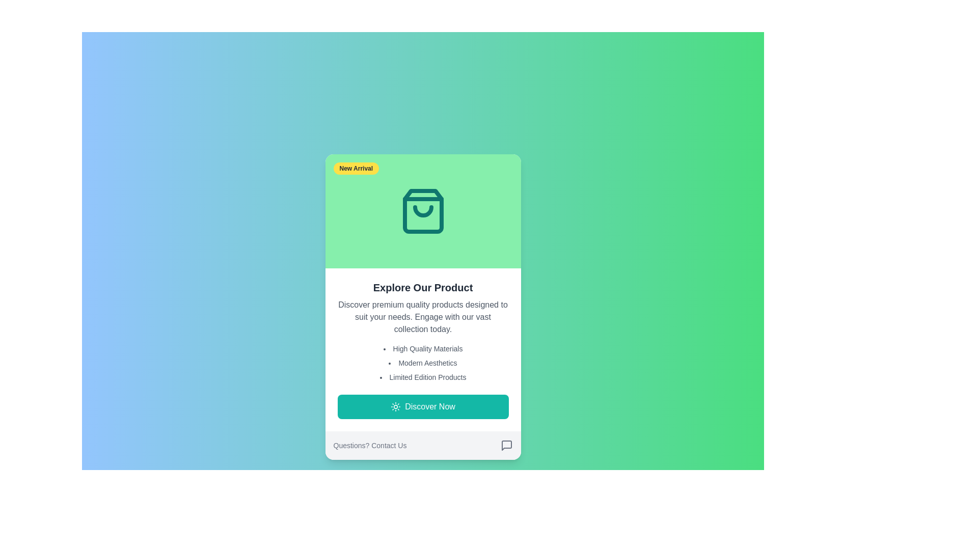  What do you see at coordinates (423, 211) in the screenshot?
I see `the teal shopping bag vector graphic located at the top-center of the card-style layout, which is the primary graphic above the text content` at bounding box center [423, 211].